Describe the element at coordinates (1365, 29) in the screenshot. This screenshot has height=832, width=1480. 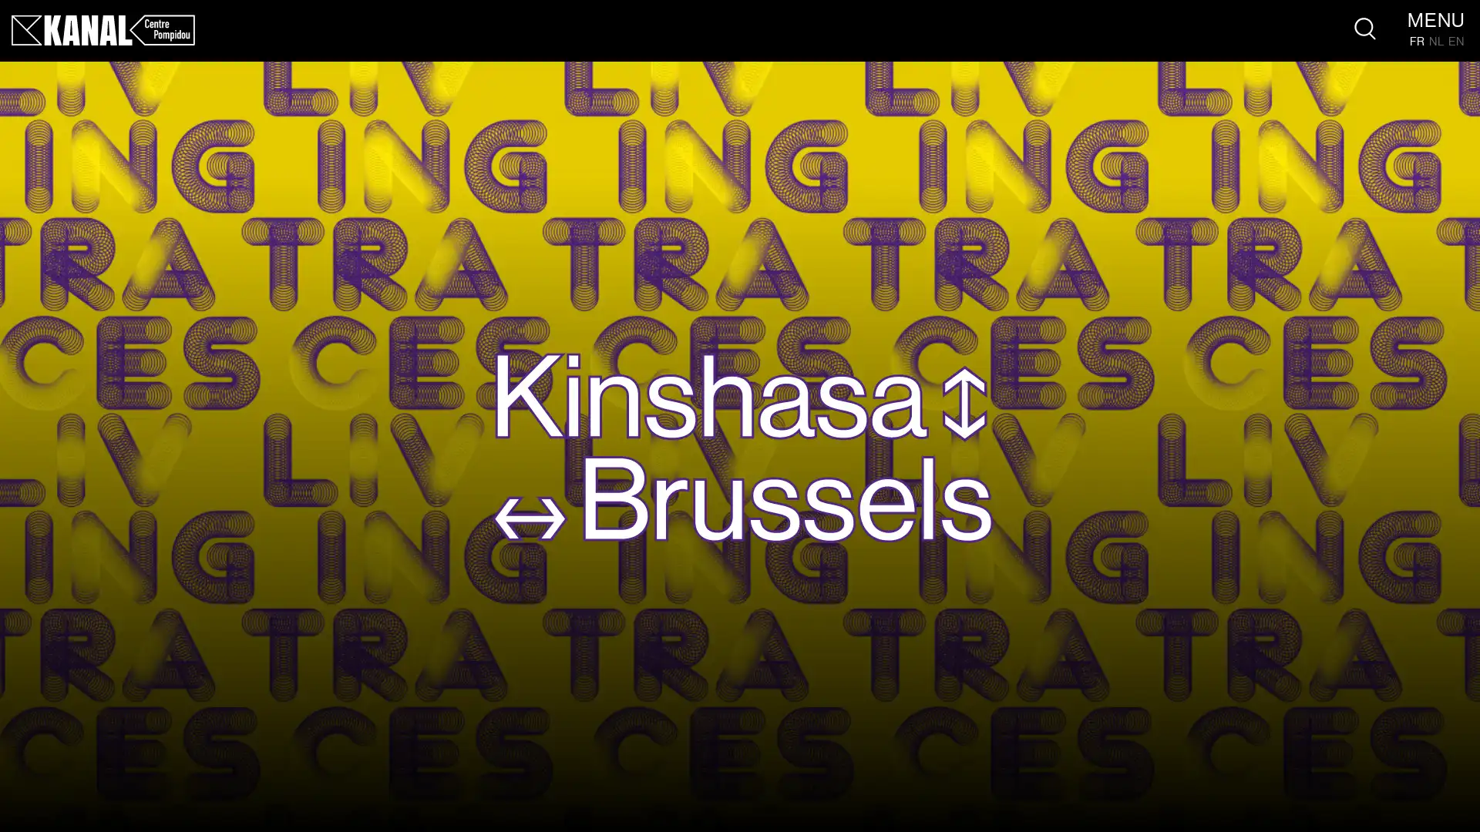
I see `Rechercher` at that location.